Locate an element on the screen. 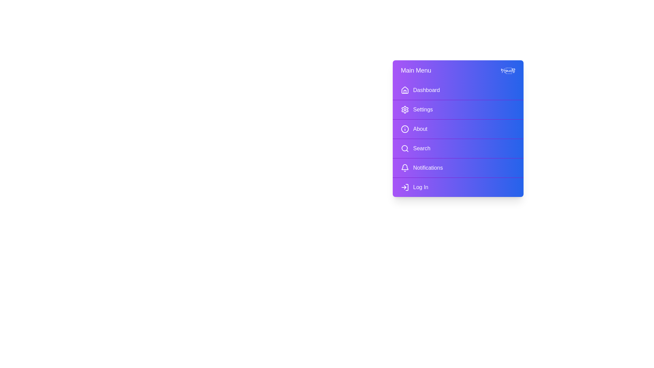 The image size is (654, 368). the menu item Log In to navigate is located at coordinates (458, 187).